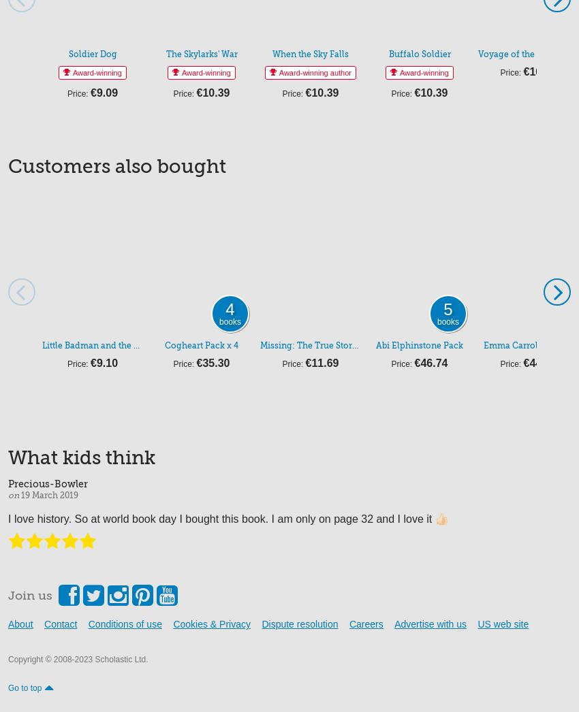 The image size is (579, 712). I want to click on 'Dispute resolution', so click(298, 624).